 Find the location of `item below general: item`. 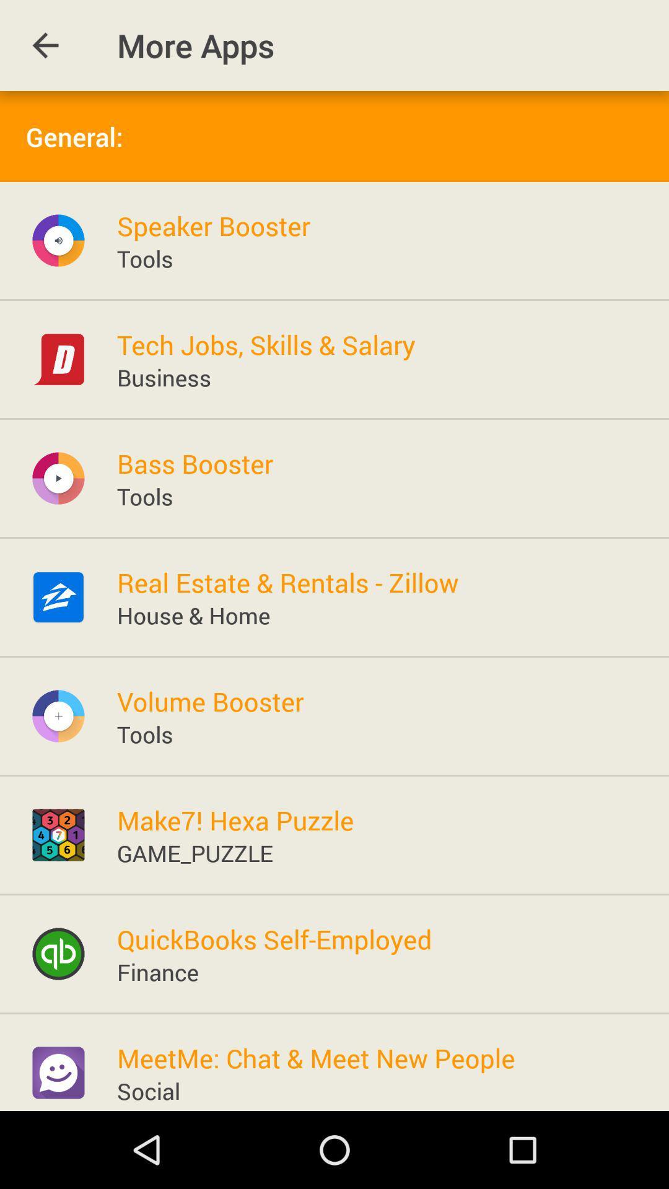

item below general: item is located at coordinates (212, 225).